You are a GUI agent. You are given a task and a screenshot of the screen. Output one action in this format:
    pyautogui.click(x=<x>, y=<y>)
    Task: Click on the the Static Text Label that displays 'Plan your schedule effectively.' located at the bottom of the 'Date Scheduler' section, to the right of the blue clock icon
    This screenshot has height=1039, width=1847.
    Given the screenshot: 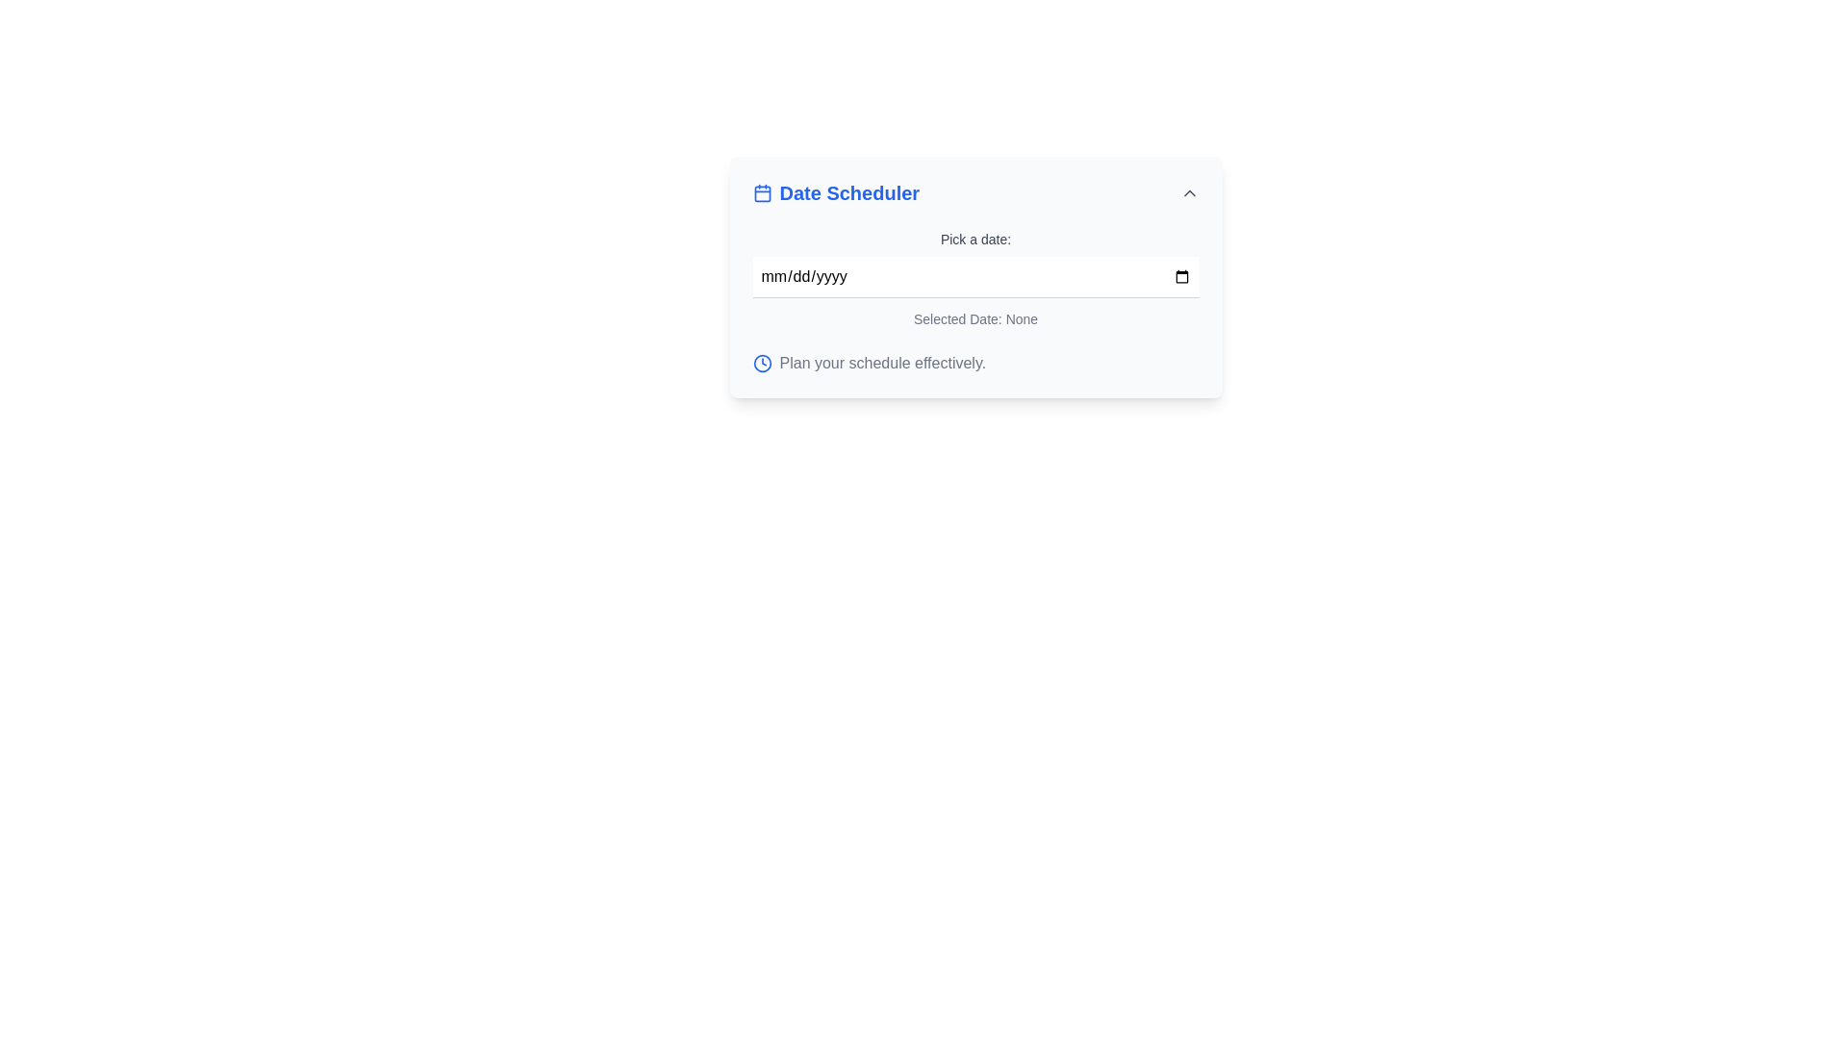 What is the action you would take?
    pyautogui.click(x=881, y=364)
    